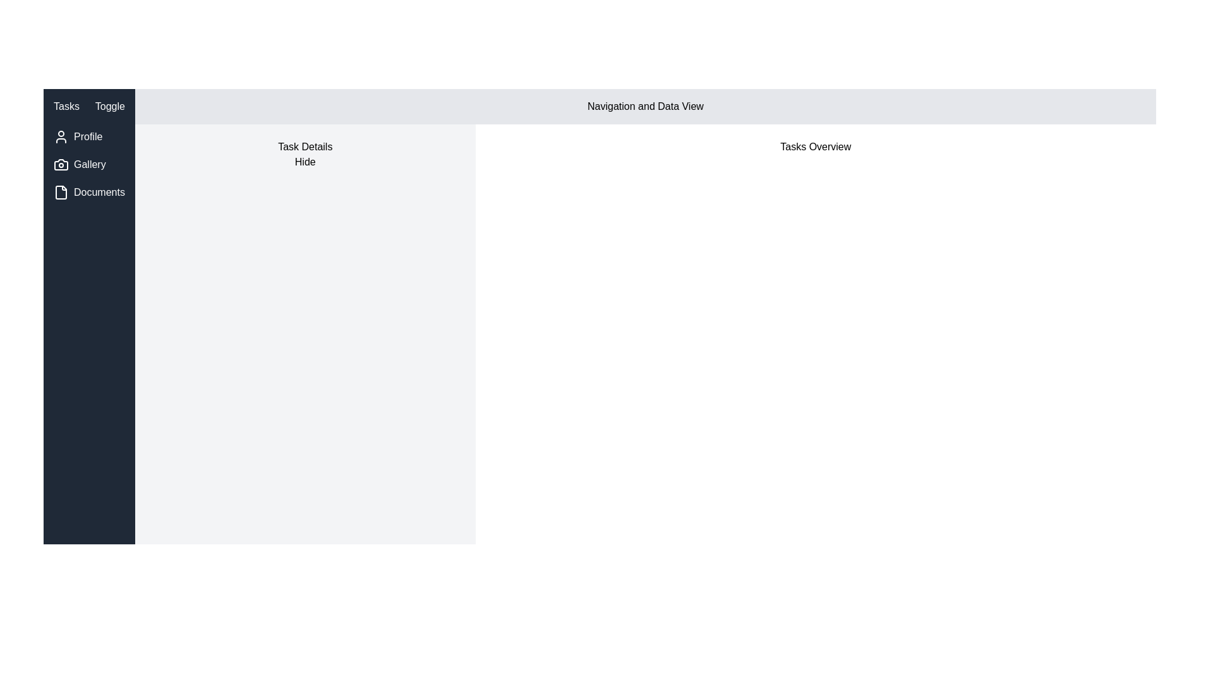 The image size is (1213, 682). Describe the element at coordinates (66, 106) in the screenshot. I see `the informational Text label indicating 'Tasks', located to the left of the 'Toggle' label in the header area` at that location.